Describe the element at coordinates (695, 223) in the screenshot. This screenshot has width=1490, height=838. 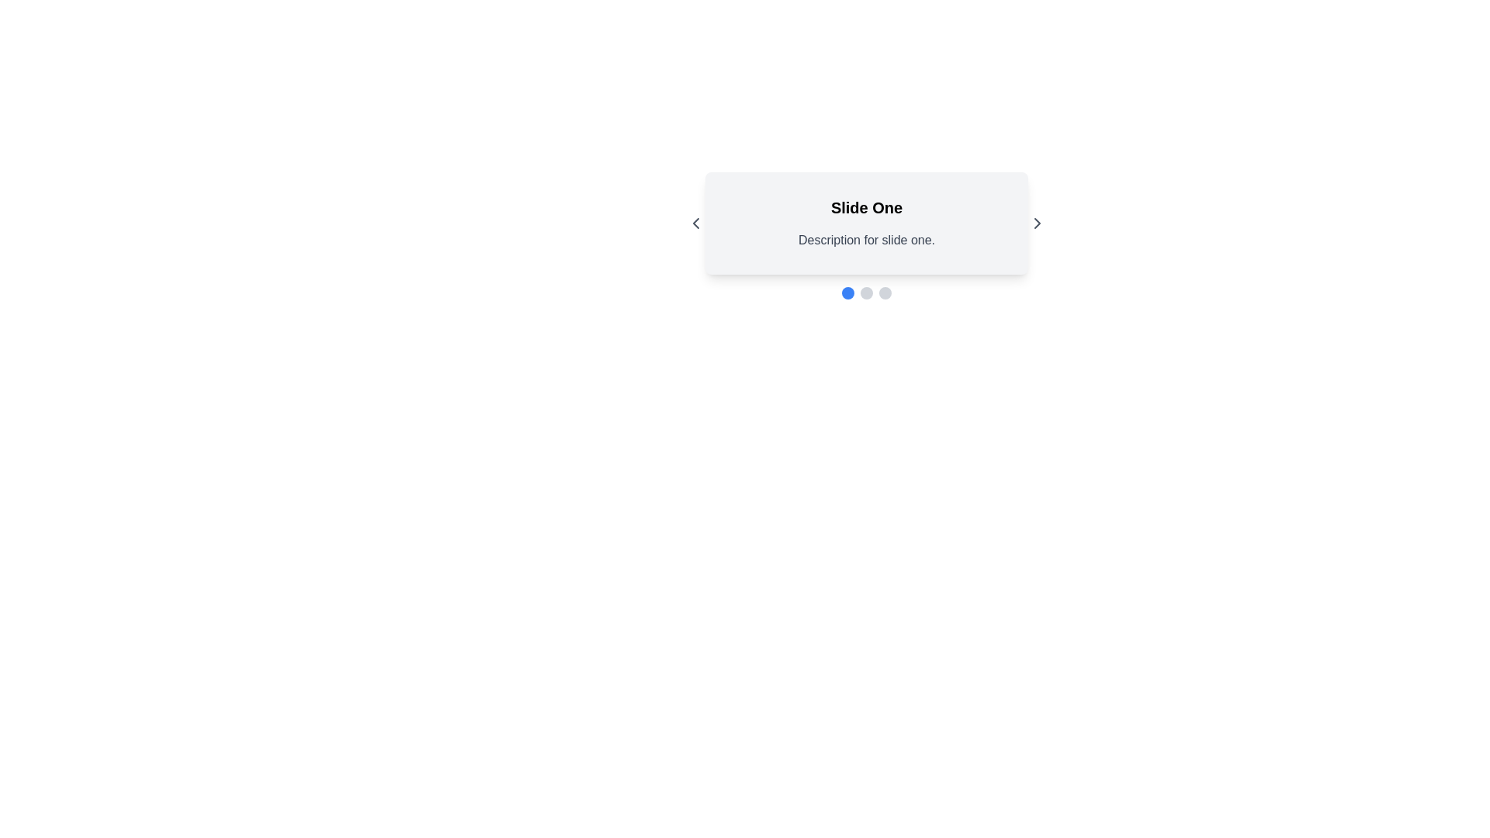
I see `the left-pointing chevron arrow icon located in the navigation section above the content box labeled 'Slide One'` at that location.